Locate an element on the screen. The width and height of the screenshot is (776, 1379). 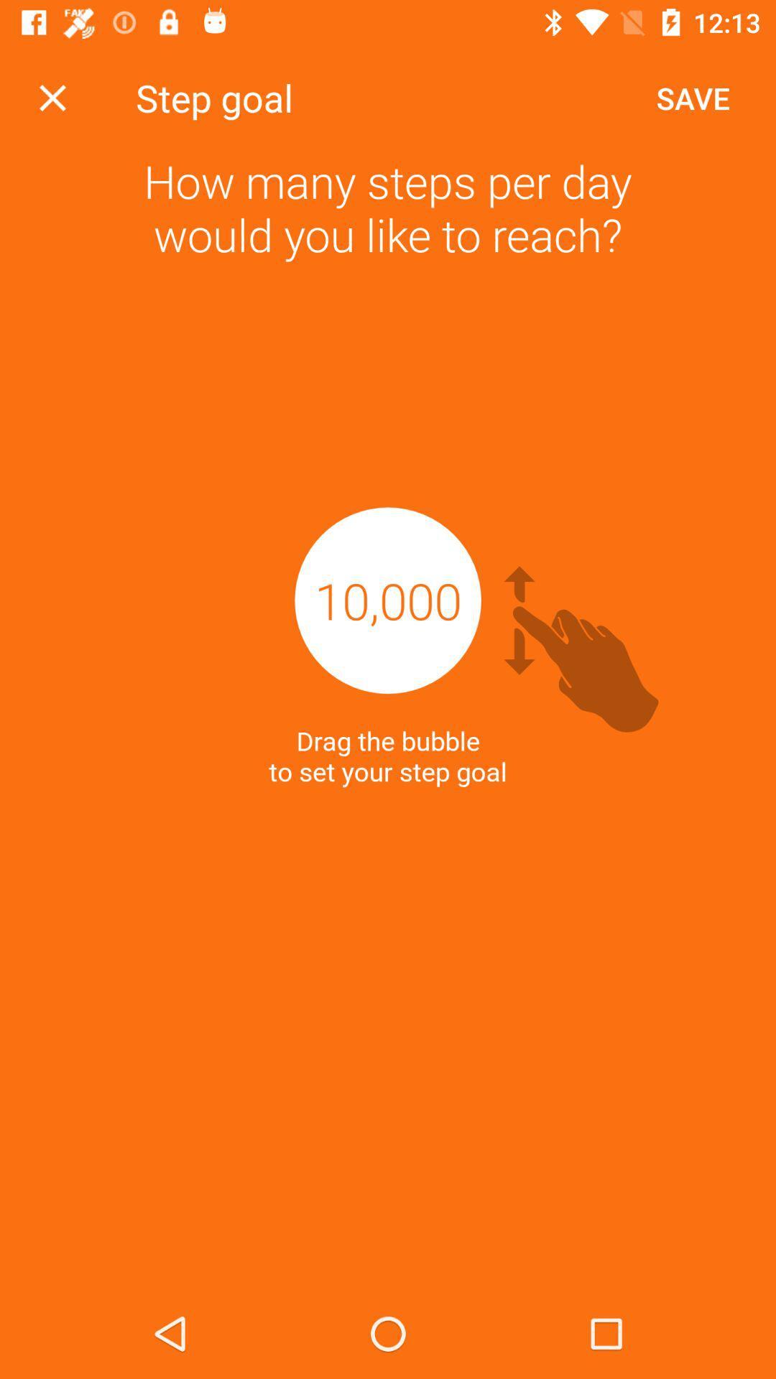
the app above the how many steps icon is located at coordinates (52, 97).